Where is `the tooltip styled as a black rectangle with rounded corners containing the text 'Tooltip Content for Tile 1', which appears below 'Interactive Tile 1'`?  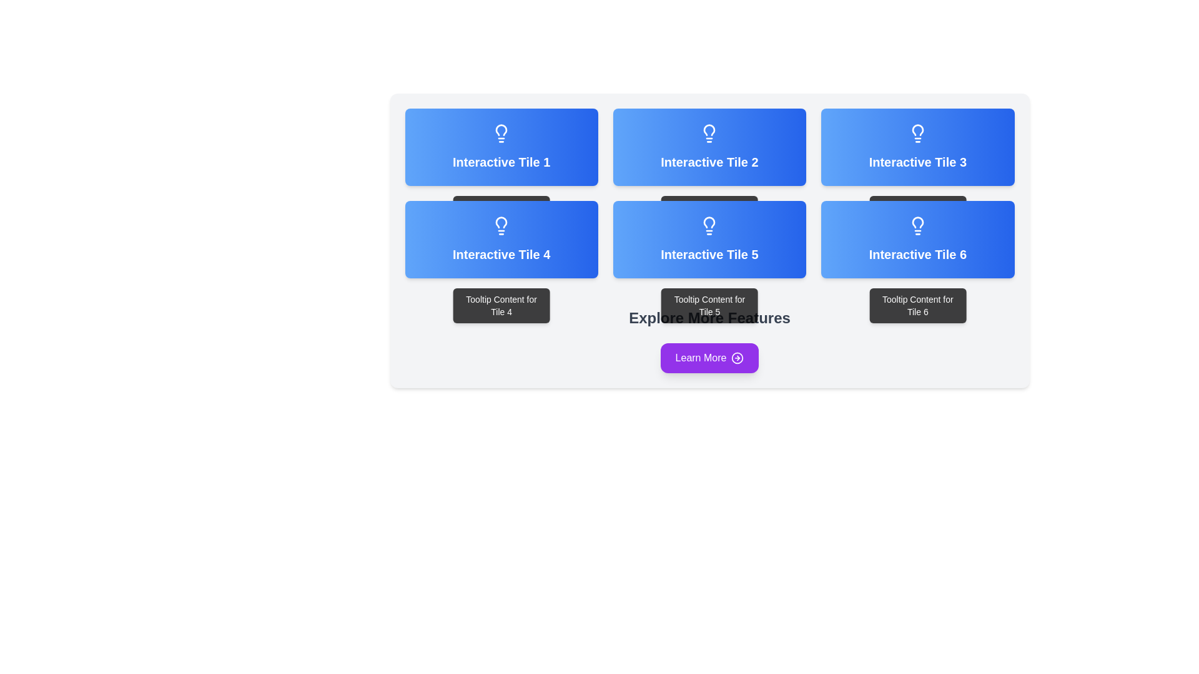 the tooltip styled as a black rectangle with rounded corners containing the text 'Tooltip Content for Tile 1', which appears below 'Interactive Tile 1' is located at coordinates (501, 213).